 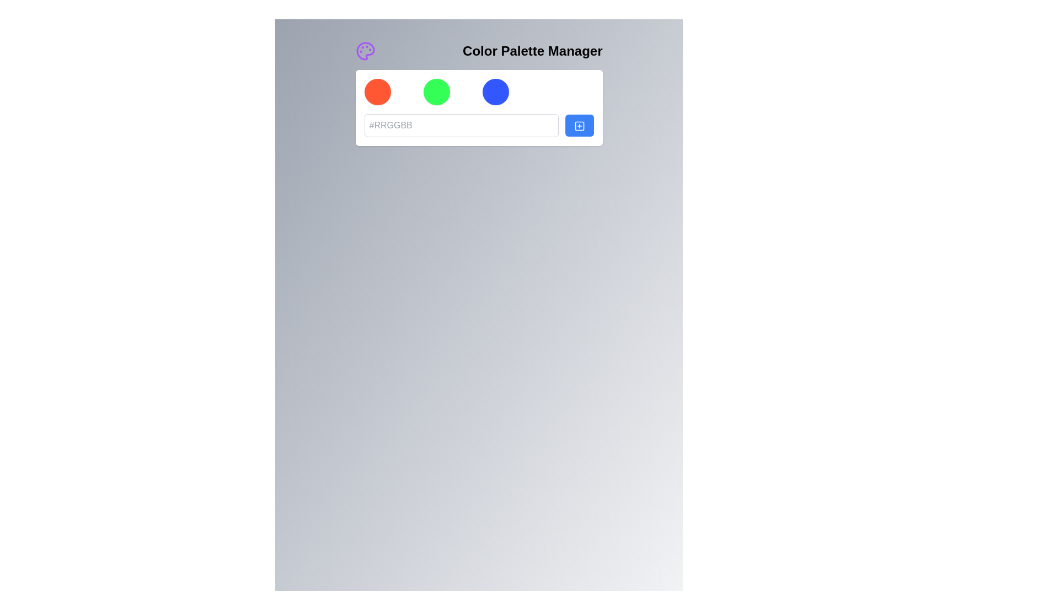 What do you see at coordinates (365, 51) in the screenshot?
I see `the color palette icon located at the top-left corner of the interface, near the 'Color Palette Manager' header` at bounding box center [365, 51].